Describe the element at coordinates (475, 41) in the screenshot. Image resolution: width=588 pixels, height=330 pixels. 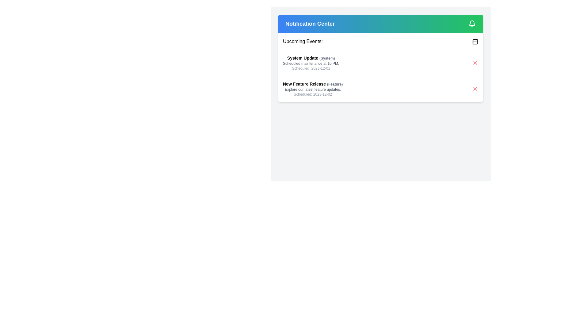
I see `the calendar icon located in the top-right corner of the 'Upcoming Events' section to initiate an action related to scheduling or events` at that location.